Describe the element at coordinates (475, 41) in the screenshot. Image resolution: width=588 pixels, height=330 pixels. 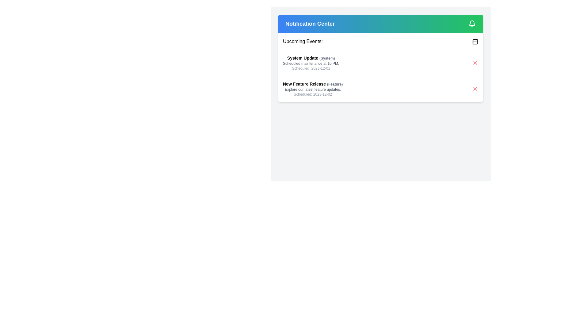
I see `the calendar icon located in the top-right corner of the 'Upcoming Events' section to initiate an action related to scheduling or events` at that location.